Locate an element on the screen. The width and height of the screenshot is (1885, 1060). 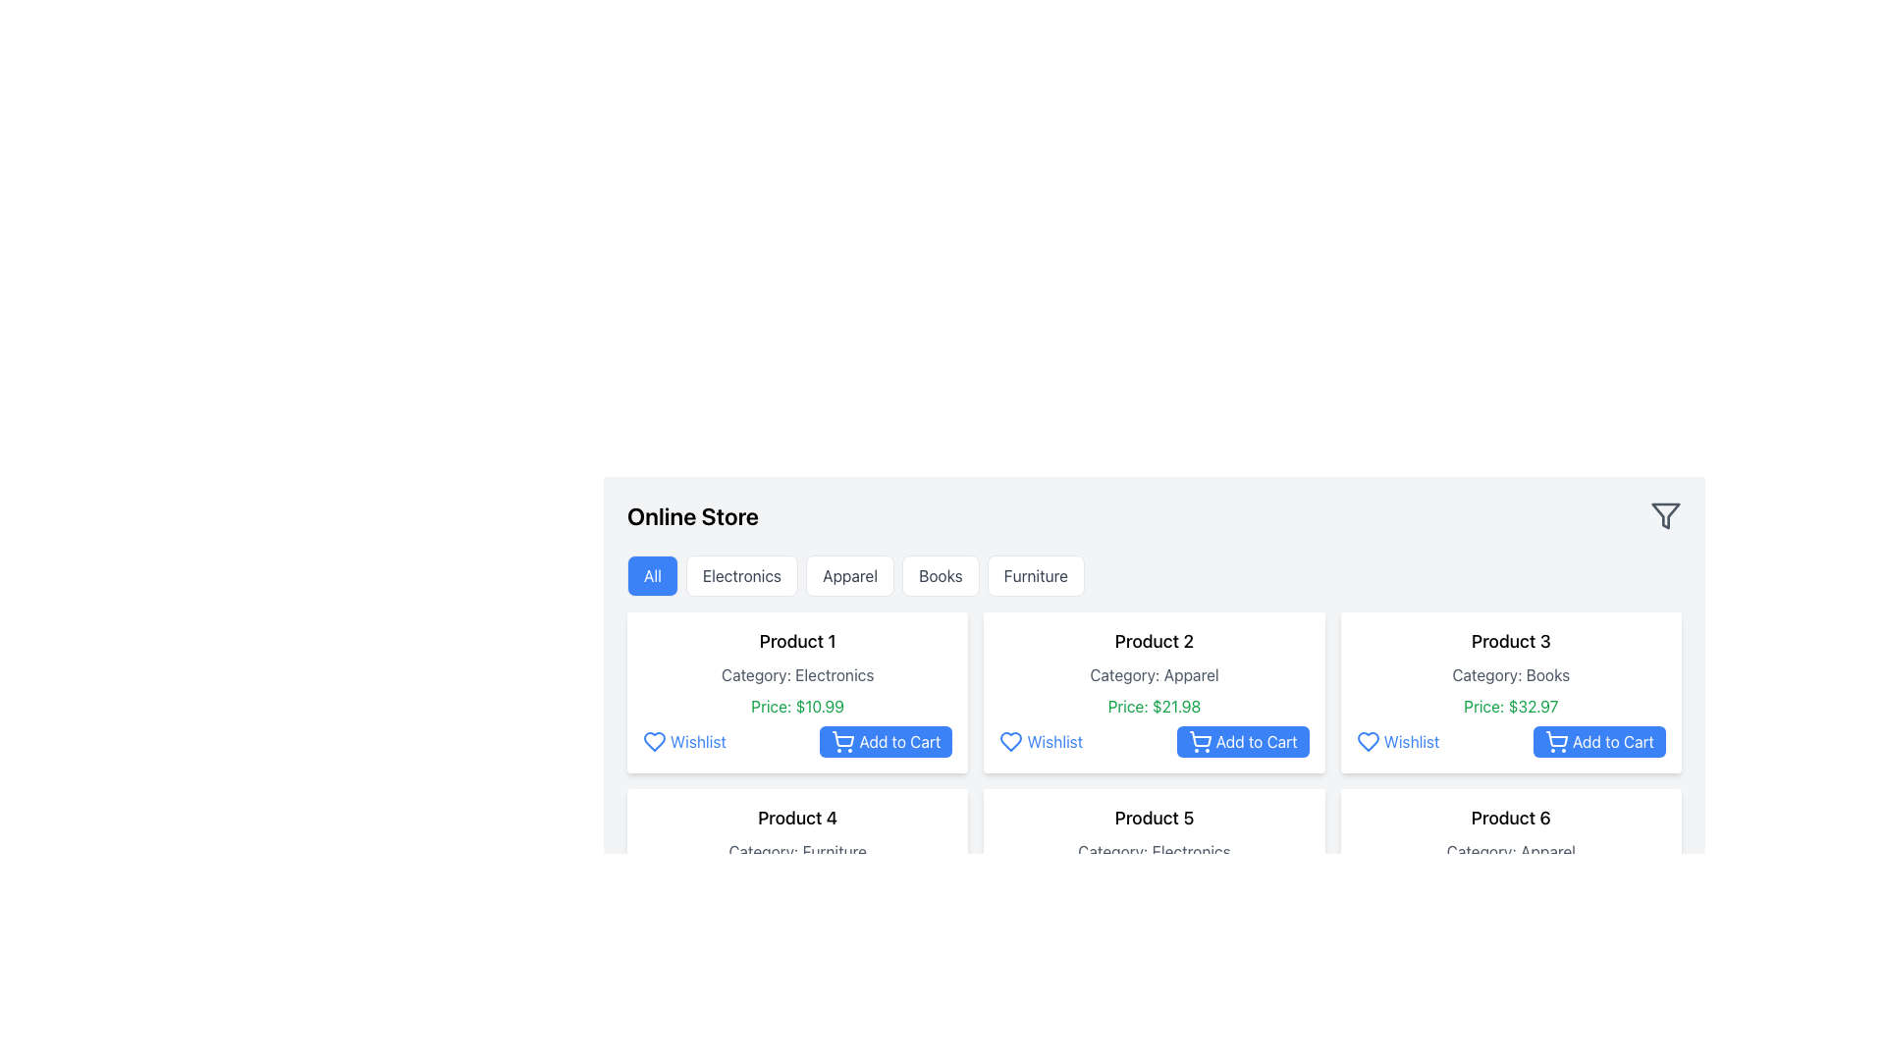
the static text label that reads 'Category: Apparel', which is located below the 'Product 6' header and above the price information in the product card layout is located at coordinates (1510, 850).